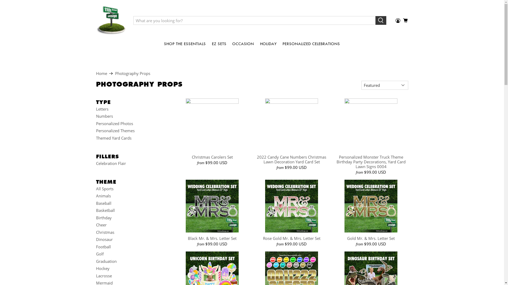  I want to click on 'EZ SETS', so click(219, 43).